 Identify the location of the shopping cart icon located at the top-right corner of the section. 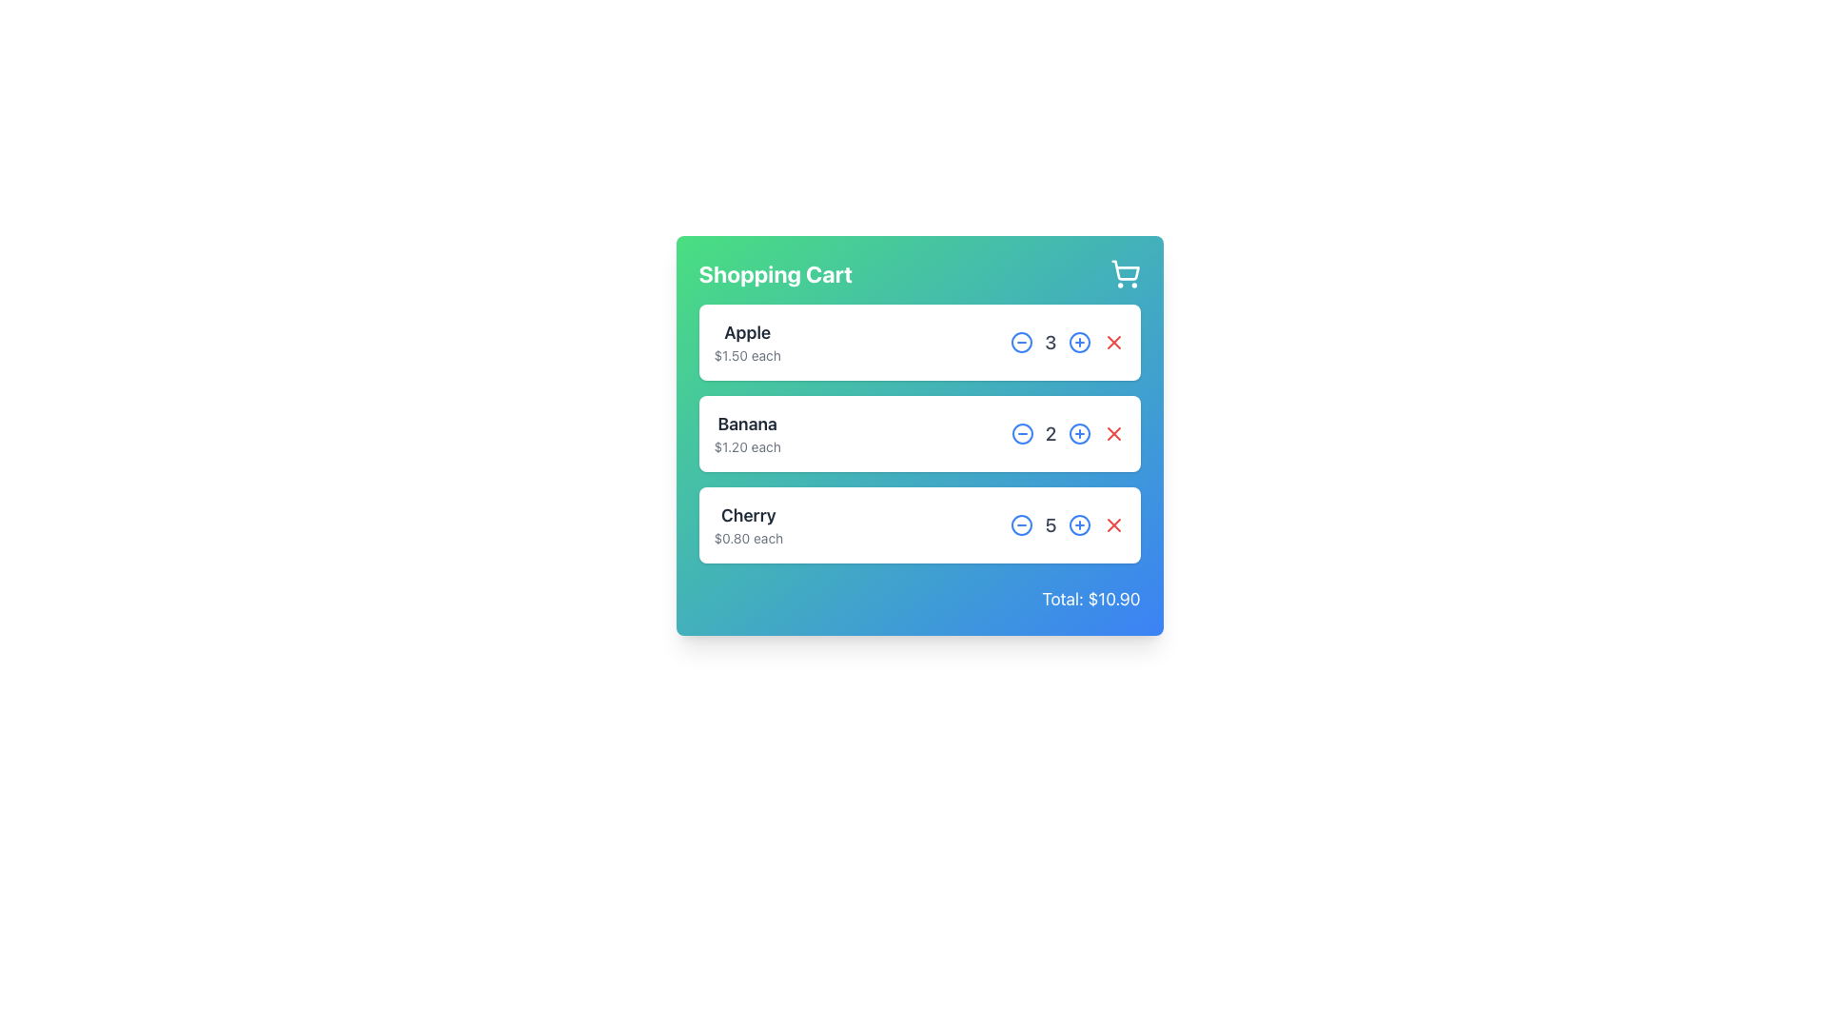
(1125, 274).